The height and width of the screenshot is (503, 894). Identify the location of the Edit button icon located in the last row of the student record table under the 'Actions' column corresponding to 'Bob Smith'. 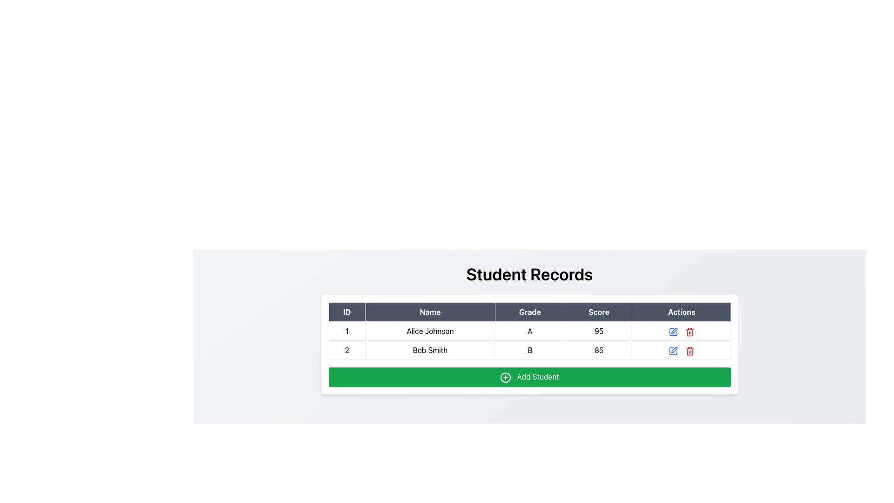
(674, 350).